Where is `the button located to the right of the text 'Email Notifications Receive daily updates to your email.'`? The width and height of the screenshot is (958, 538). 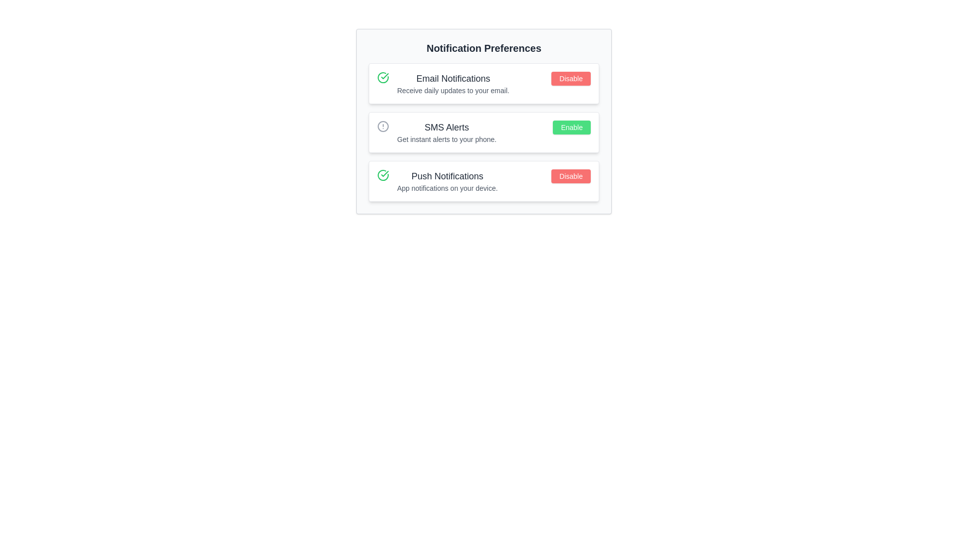 the button located to the right of the text 'Email Notifications Receive daily updates to your email.' is located at coordinates (571, 78).